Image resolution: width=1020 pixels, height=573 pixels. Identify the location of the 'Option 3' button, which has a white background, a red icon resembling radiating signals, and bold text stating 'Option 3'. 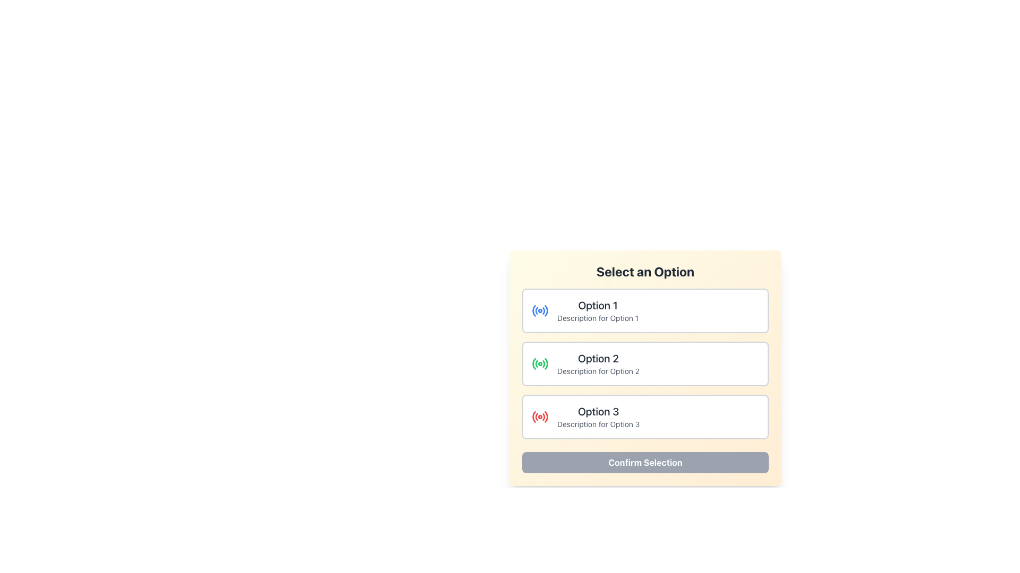
(644, 416).